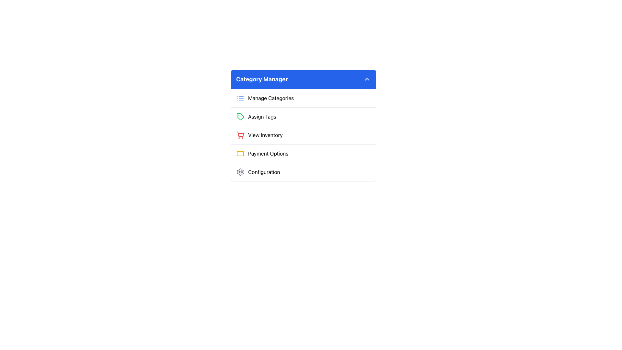 Image resolution: width=622 pixels, height=350 pixels. Describe the element at coordinates (240, 134) in the screenshot. I see `the shopping cart icon located in the 'View Inventory' row under the 'Category Manager' section, positioned to the left of the 'View Inventory' text label` at that location.